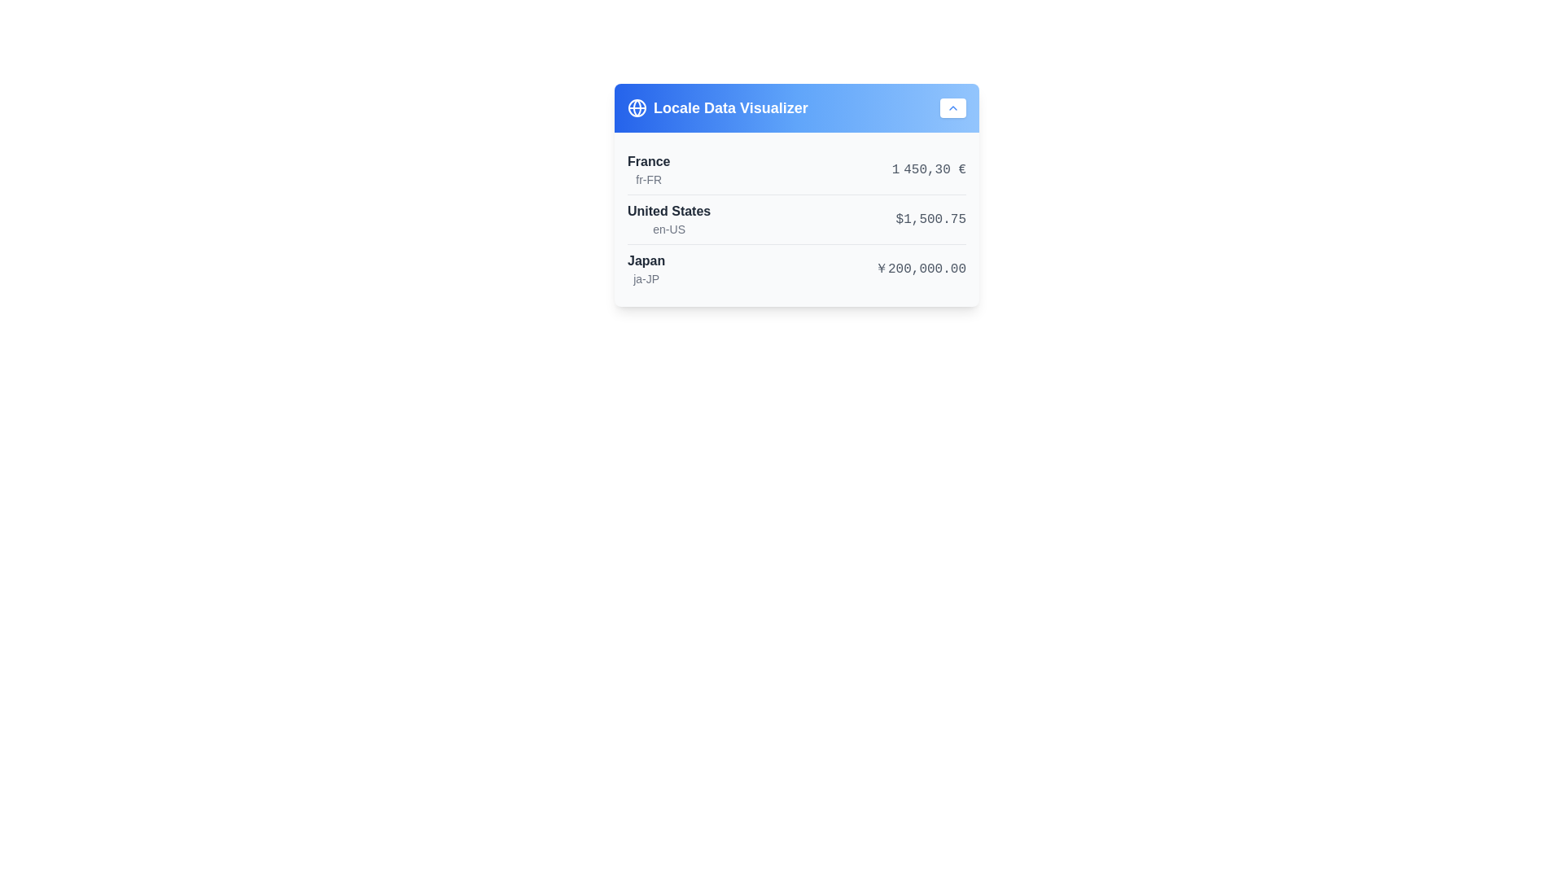 This screenshot has height=879, width=1563. What do you see at coordinates (636, 107) in the screenshot?
I see `the globe icon styled in white within a blue circular background, located to the left of the text 'Locale Data Visualizer', aligned horizontally and vertically centered in the header` at bounding box center [636, 107].